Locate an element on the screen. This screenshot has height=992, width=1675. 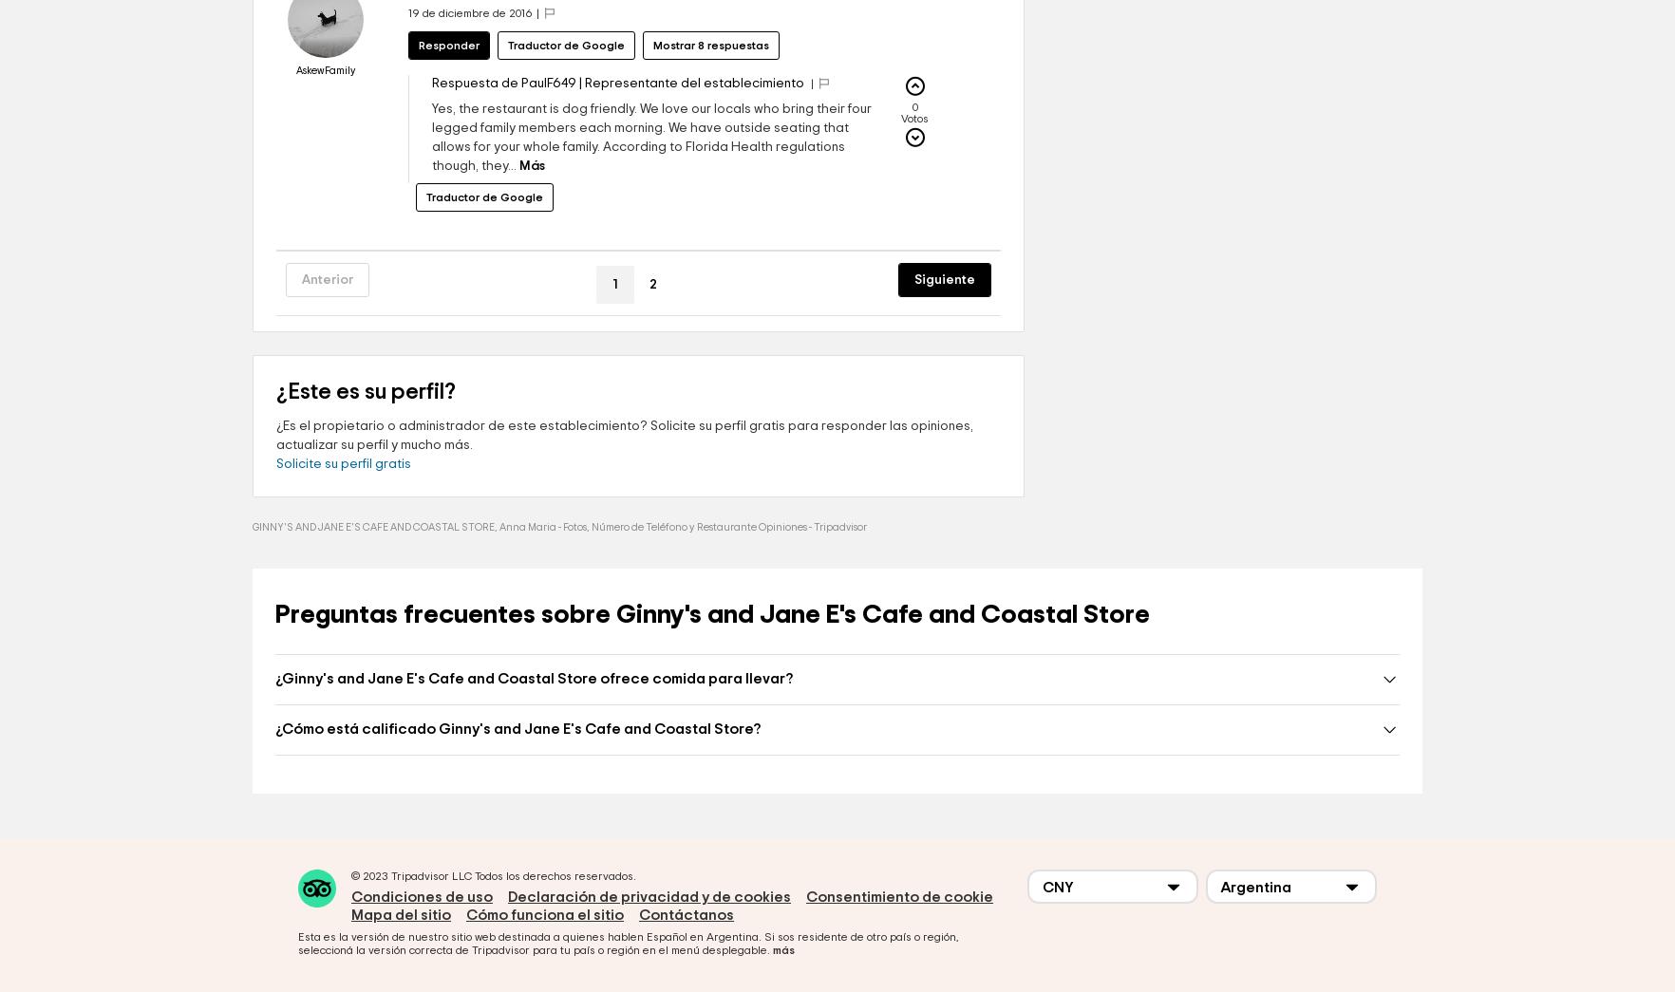
'CNY' is located at coordinates (1058, 958).